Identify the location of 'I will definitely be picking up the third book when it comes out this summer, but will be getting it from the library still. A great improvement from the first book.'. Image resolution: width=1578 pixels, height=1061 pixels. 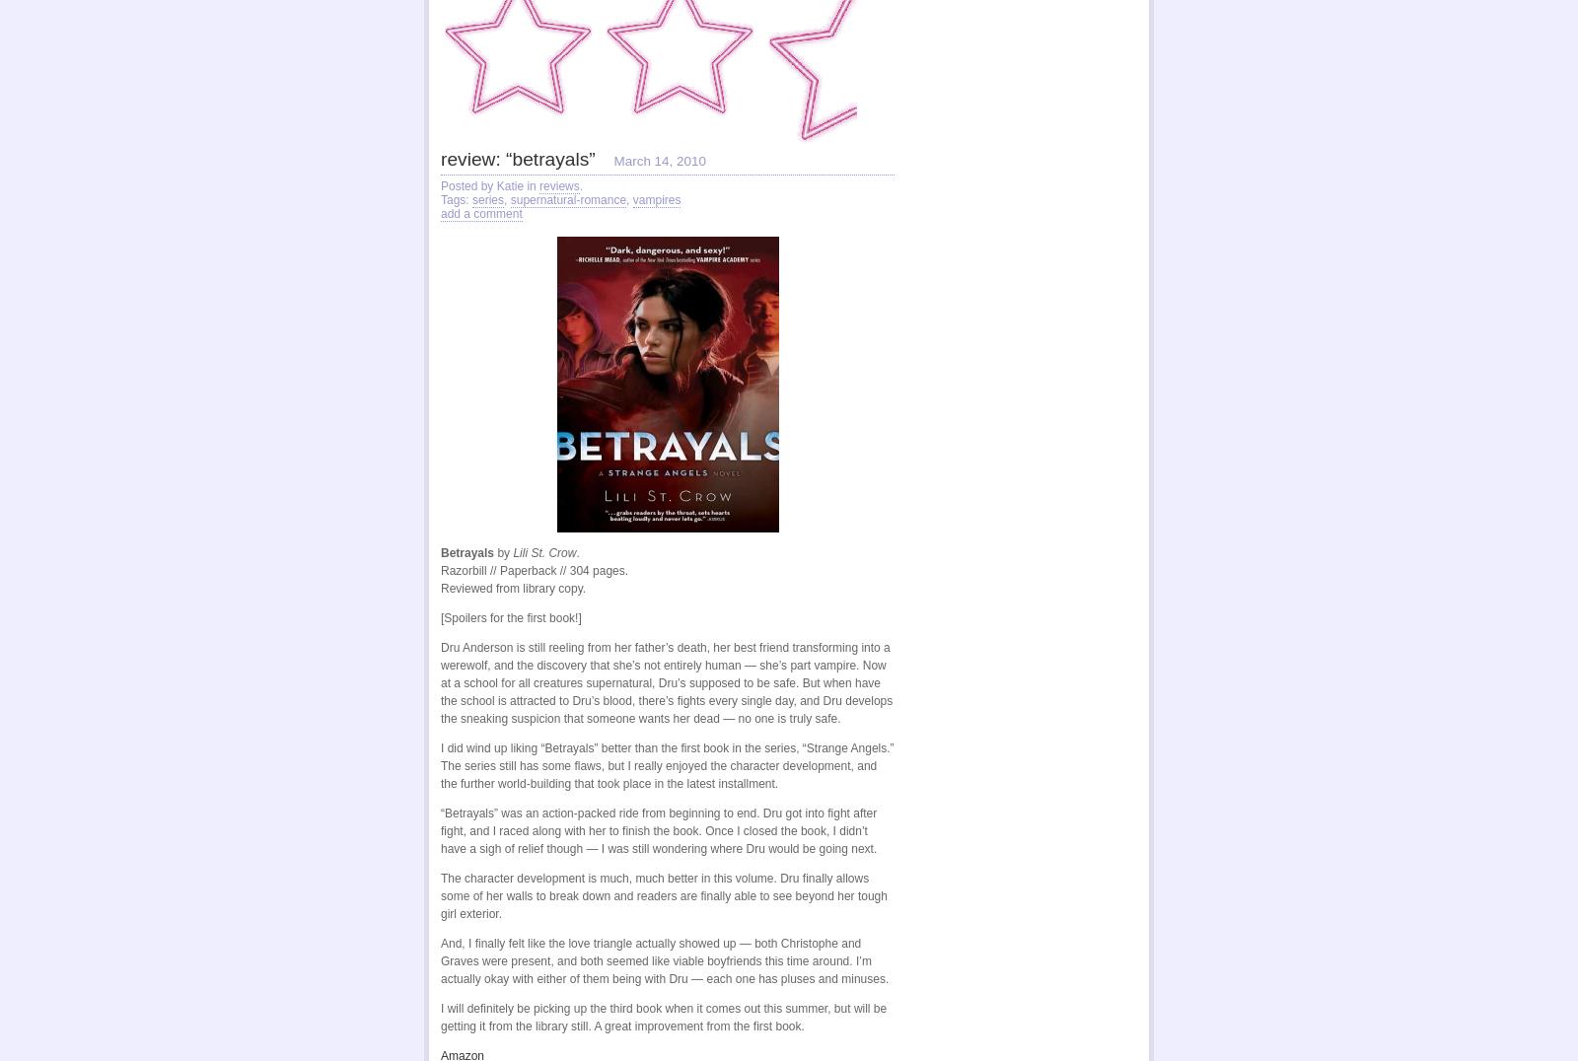
(440, 1016).